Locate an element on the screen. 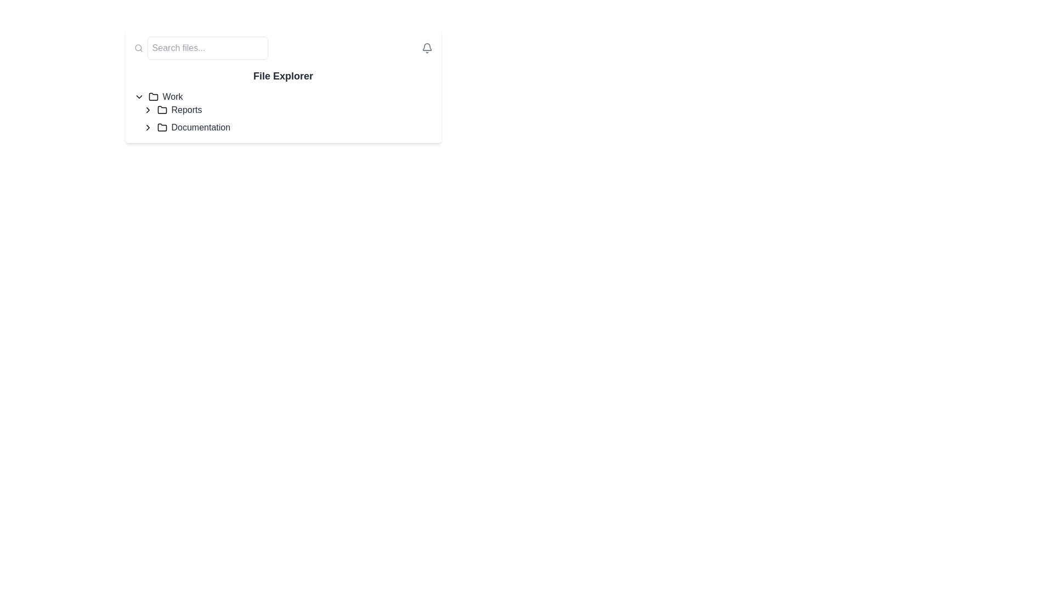  text label indicating the section as 'File Explorer', which is the only text element in its row, situated beneath the search input field is located at coordinates (283, 75).